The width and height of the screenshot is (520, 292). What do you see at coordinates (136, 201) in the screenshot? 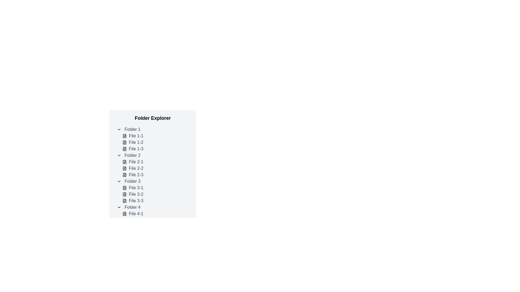
I see `text label displaying 'File 3-3' located under 'Folder 3' in the folder view` at bounding box center [136, 201].